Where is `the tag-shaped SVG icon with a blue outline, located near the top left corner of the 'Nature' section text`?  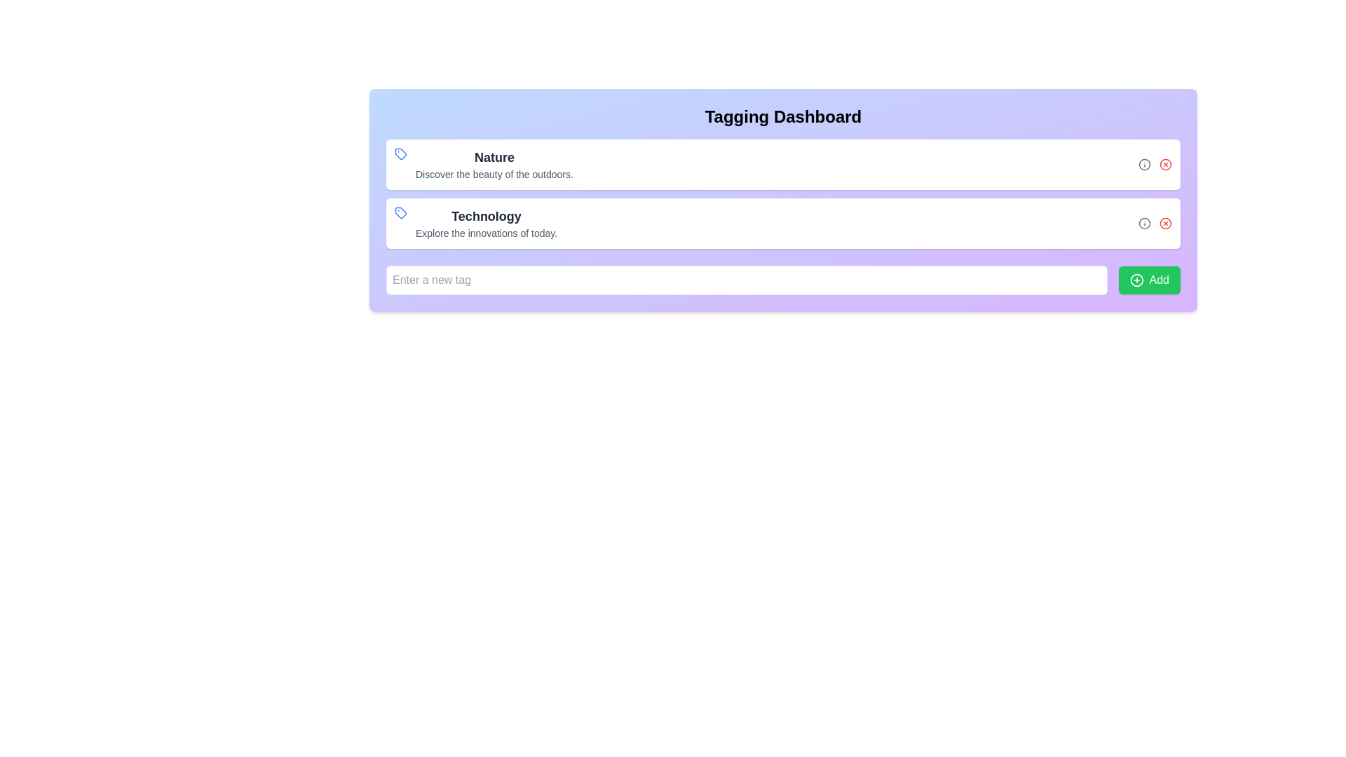 the tag-shaped SVG icon with a blue outline, located near the top left corner of the 'Nature' section text is located at coordinates (400, 213).